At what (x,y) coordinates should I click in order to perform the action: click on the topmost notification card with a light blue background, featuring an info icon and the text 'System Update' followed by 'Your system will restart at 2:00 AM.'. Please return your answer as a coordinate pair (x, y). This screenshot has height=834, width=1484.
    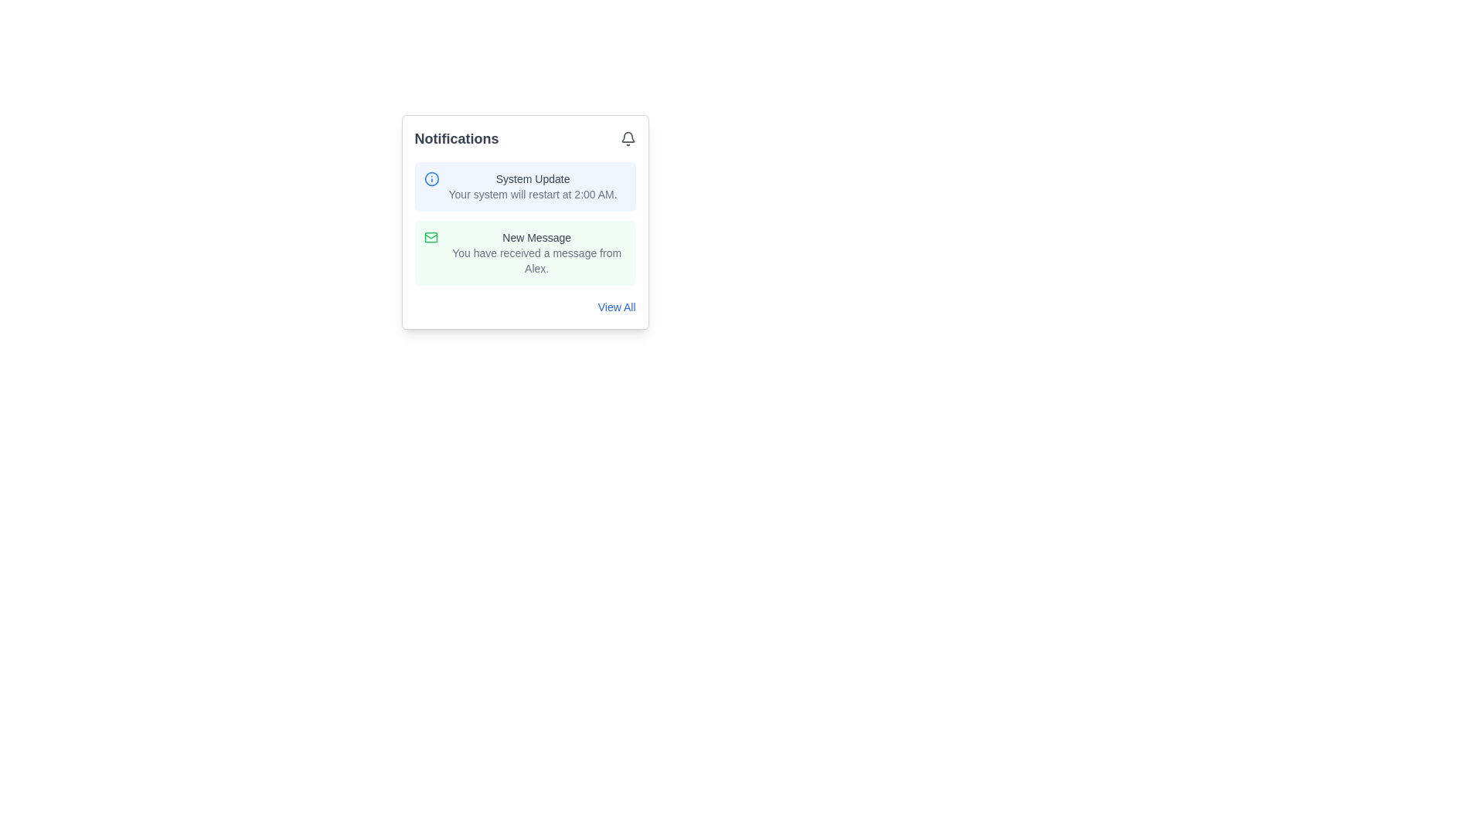
    Looking at the image, I should click on (525, 186).